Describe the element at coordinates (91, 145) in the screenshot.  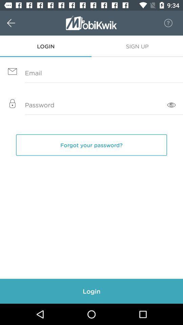
I see `forgot your password? item` at that location.